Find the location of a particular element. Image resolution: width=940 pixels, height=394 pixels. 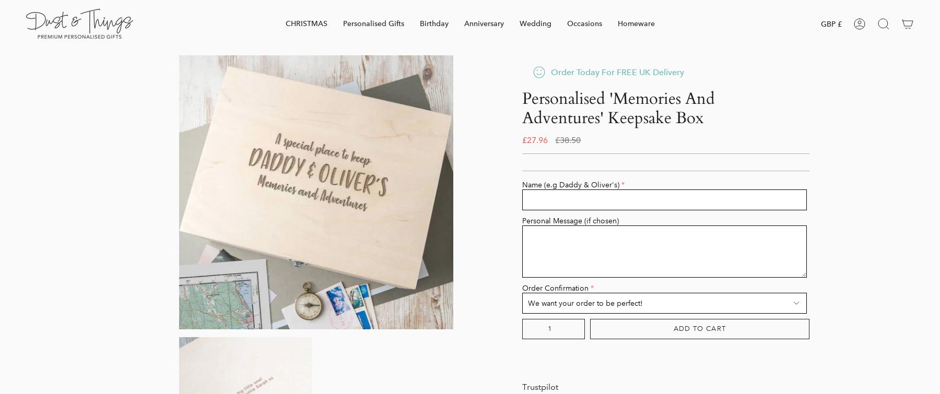

'apply.' is located at coordinates (545, 377).